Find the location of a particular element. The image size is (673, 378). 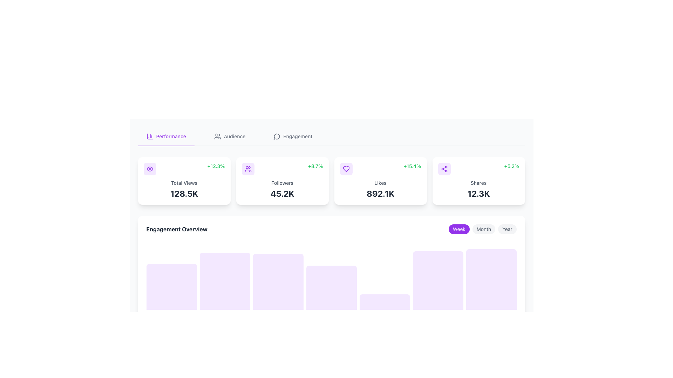

value displayed in the text label showing '892.1K', which is located at the lower part of a rectangular card in the dashboard statistics, below the 'Likes' text is located at coordinates (380, 193).